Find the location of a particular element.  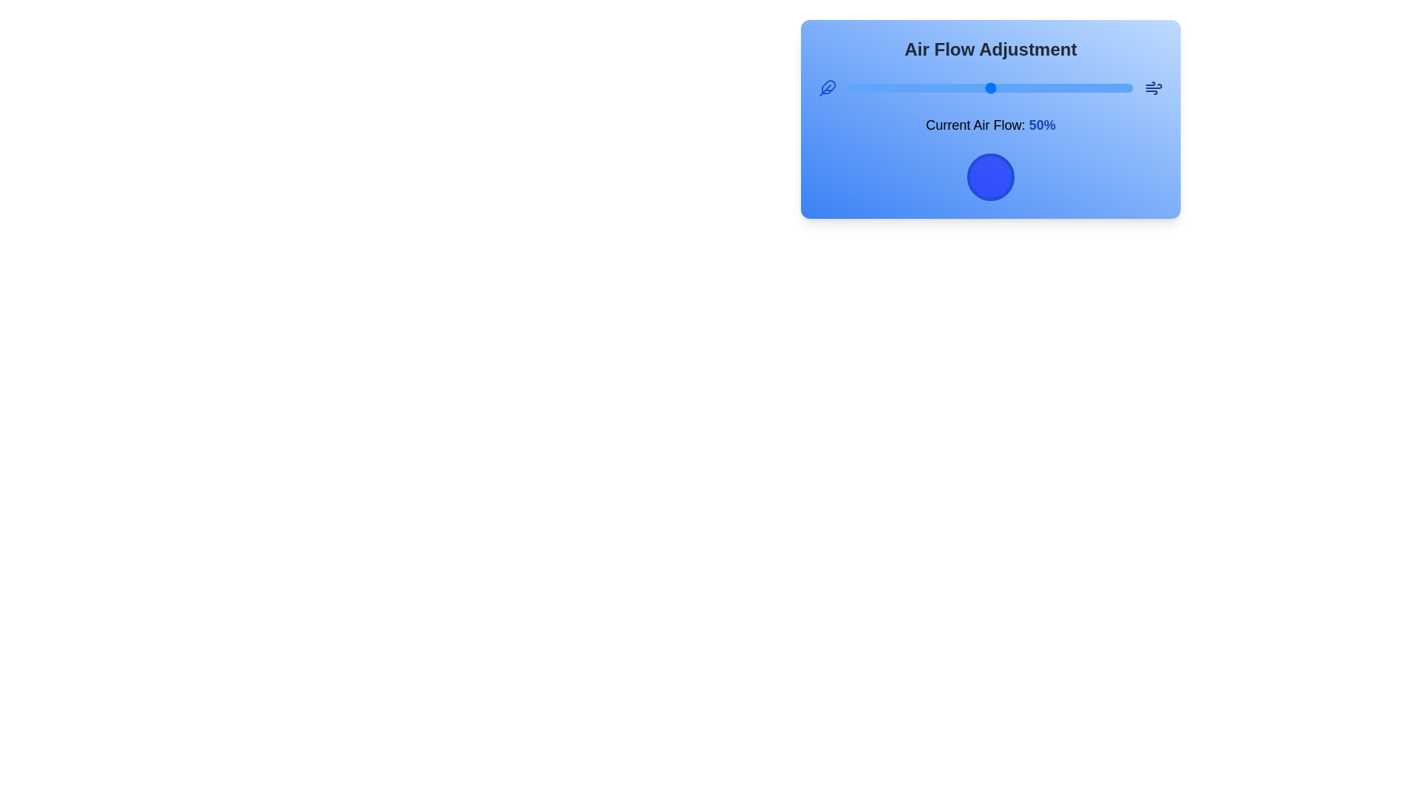

the air flow to 84% using the slider is located at coordinates (1087, 88).